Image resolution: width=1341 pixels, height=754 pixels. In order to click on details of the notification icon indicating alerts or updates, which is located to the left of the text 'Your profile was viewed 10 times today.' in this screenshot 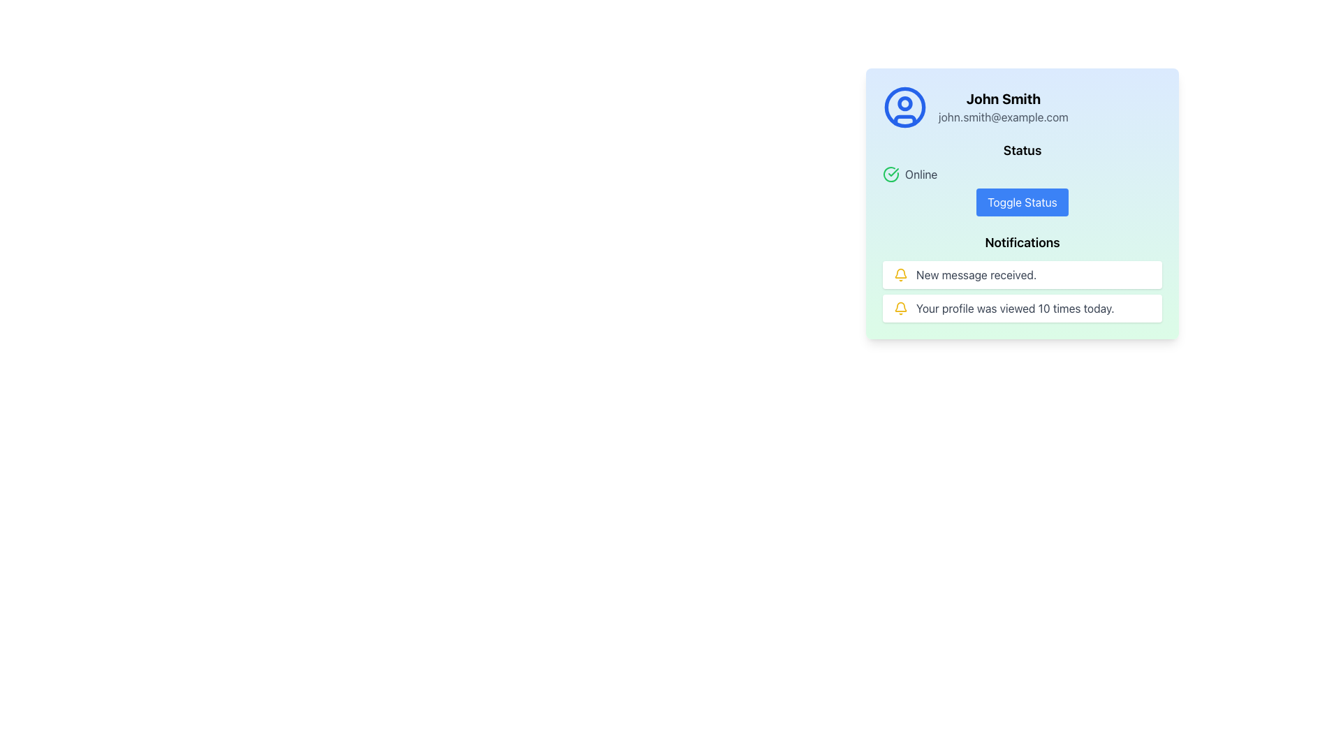, I will do `click(901, 308)`.